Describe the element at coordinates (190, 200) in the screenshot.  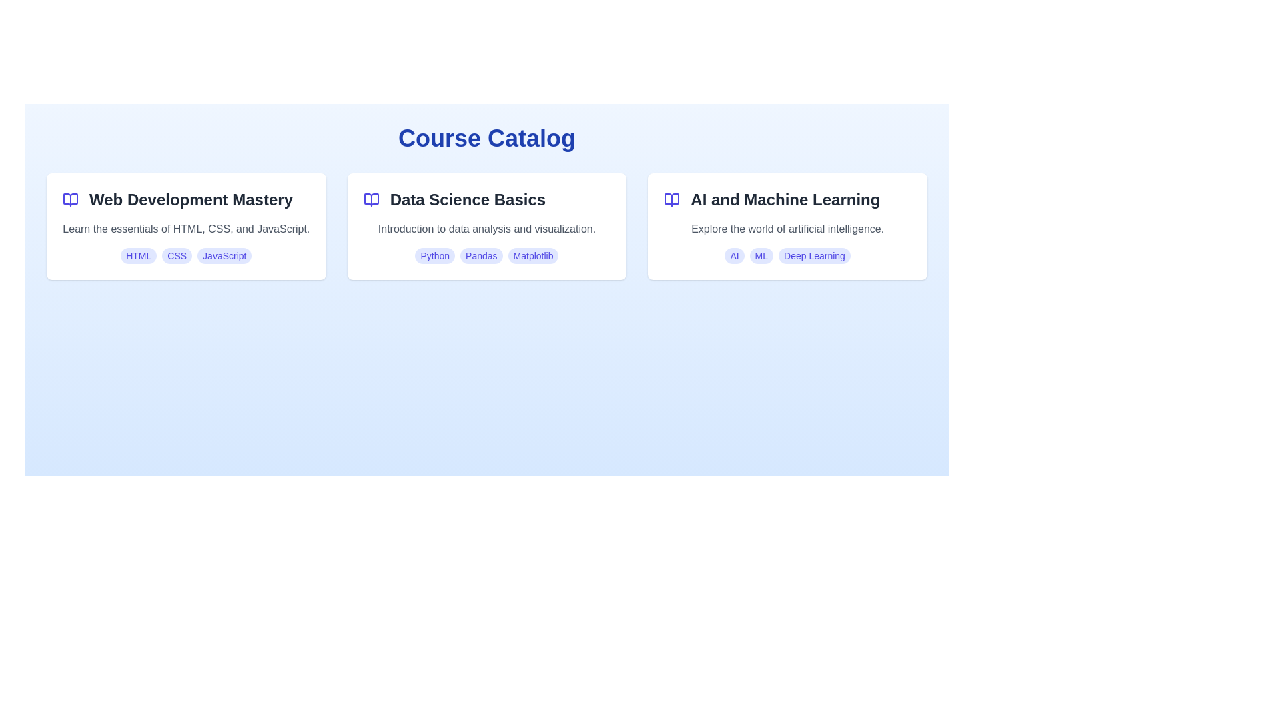
I see `the textual header 'Web Development Mastery' which is prominently displayed in dark gray and styled in a large bold font, located in the leftmost card of three horizontally aligned cards` at that location.